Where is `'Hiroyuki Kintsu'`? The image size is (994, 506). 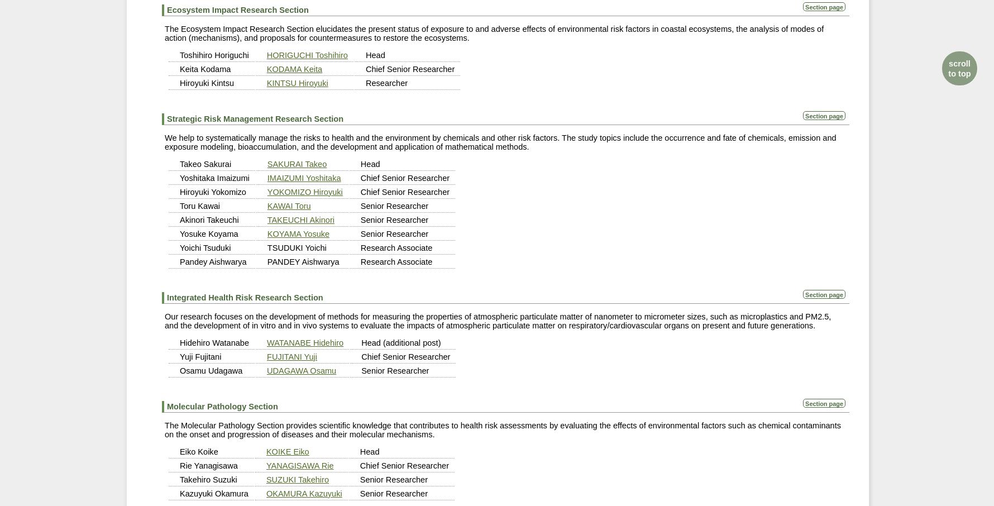
'Hiroyuki Kintsu' is located at coordinates (207, 83).